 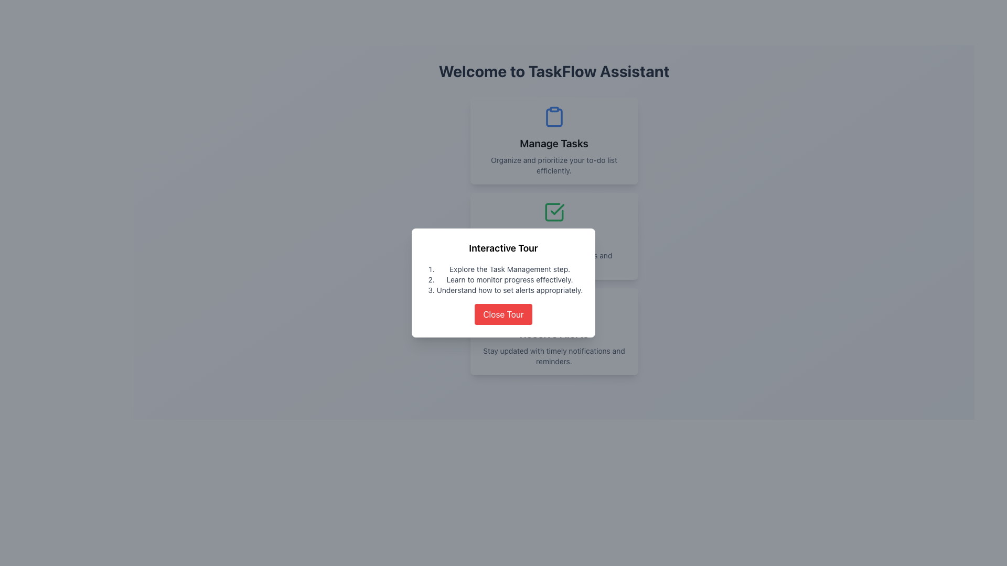 What do you see at coordinates (509, 268) in the screenshot?
I see `the informational text element located at the first line of the numbered list in the modal box, which provides instructions for exploring the task management step` at bounding box center [509, 268].